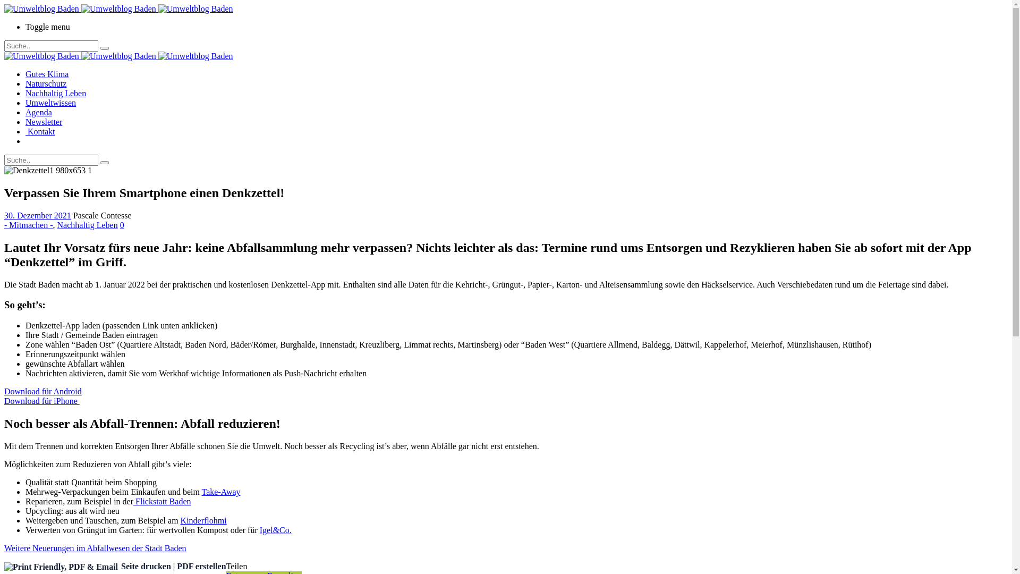 The height and width of the screenshot is (574, 1020). Describe the element at coordinates (203, 520) in the screenshot. I see `'Kinderflohmi'` at that location.